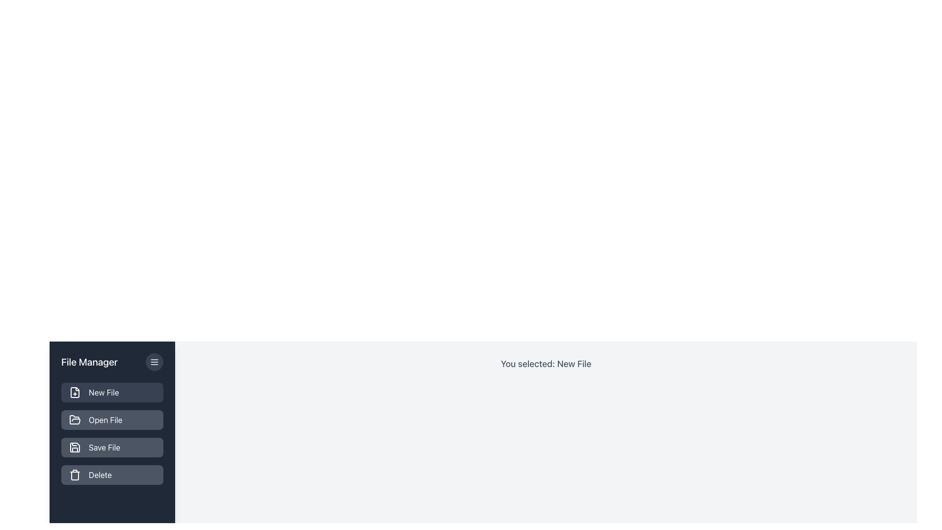 This screenshot has width=942, height=530. What do you see at coordinates (75, 420) in the screenshot?
I see `the 'Open File' button located in the sidebar, which features an icon to the left of the text label 'Open File'` at bounding box center [75, 420].